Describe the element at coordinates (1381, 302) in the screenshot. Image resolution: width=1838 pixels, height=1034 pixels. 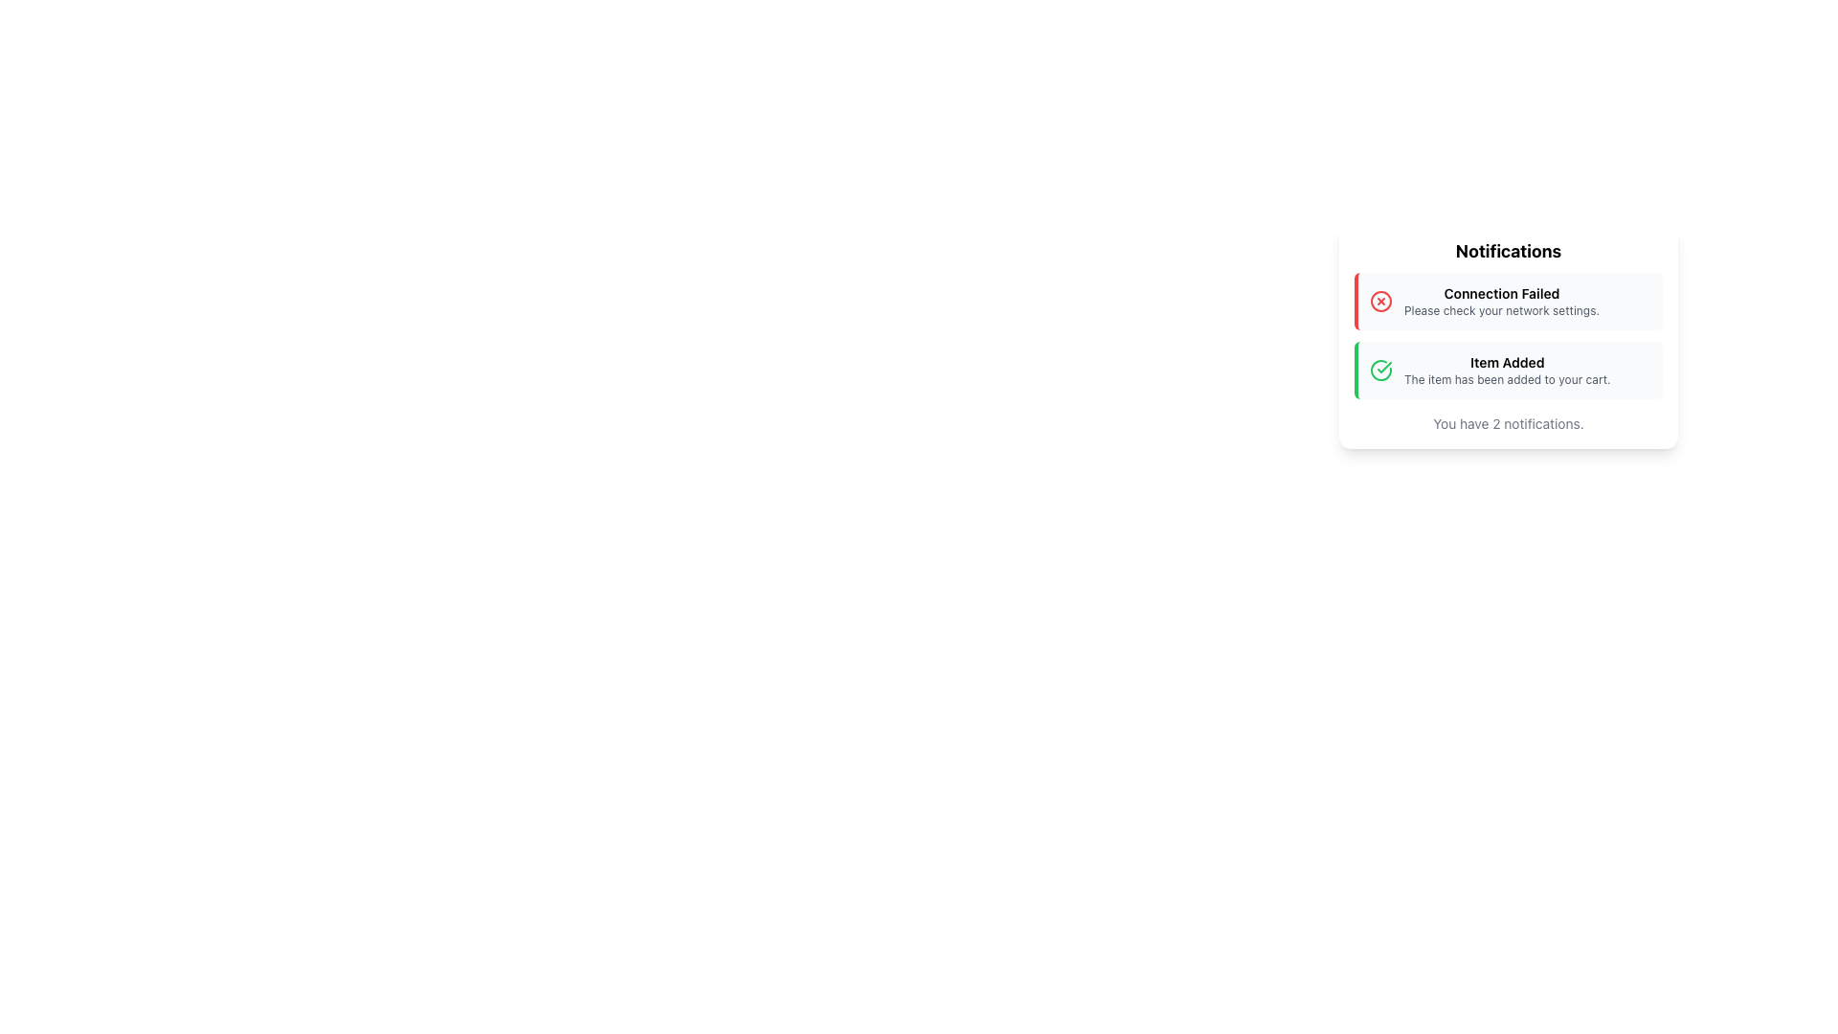
I see `the error icon indicating 'Connection Failed' located to the left of the text in the top notification` at that location.